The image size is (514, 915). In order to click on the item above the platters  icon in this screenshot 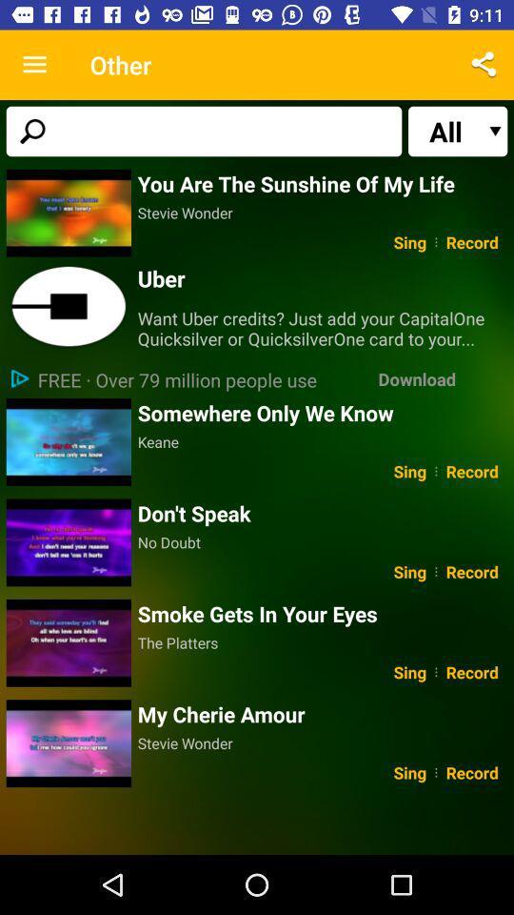, I will do `click(322, 613)`.